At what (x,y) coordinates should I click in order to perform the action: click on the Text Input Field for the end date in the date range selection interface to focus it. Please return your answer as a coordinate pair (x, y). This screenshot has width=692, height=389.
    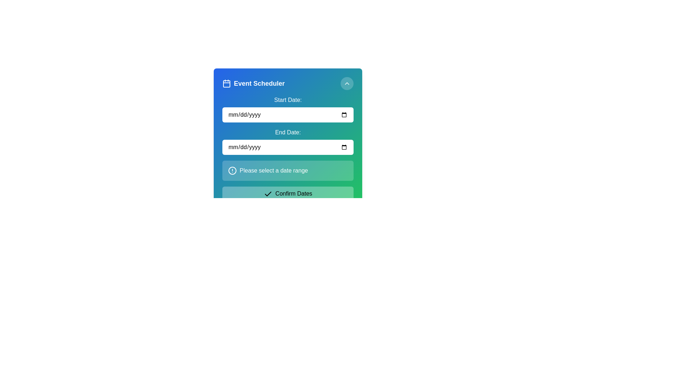
    Looking at the image, I should click on (287, 139).